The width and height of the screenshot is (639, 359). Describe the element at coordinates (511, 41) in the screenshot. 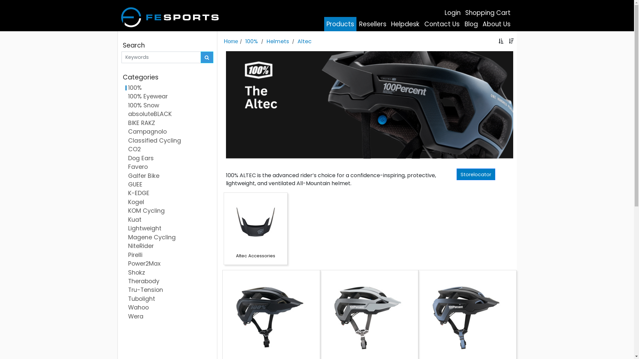

I see `'Sort descending'` at that location.